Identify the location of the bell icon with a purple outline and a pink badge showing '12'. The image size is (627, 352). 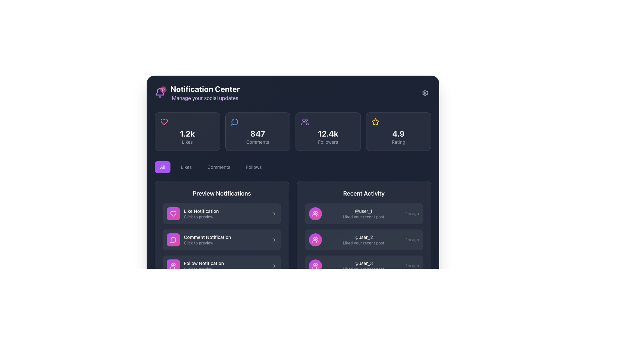
(160, 93).